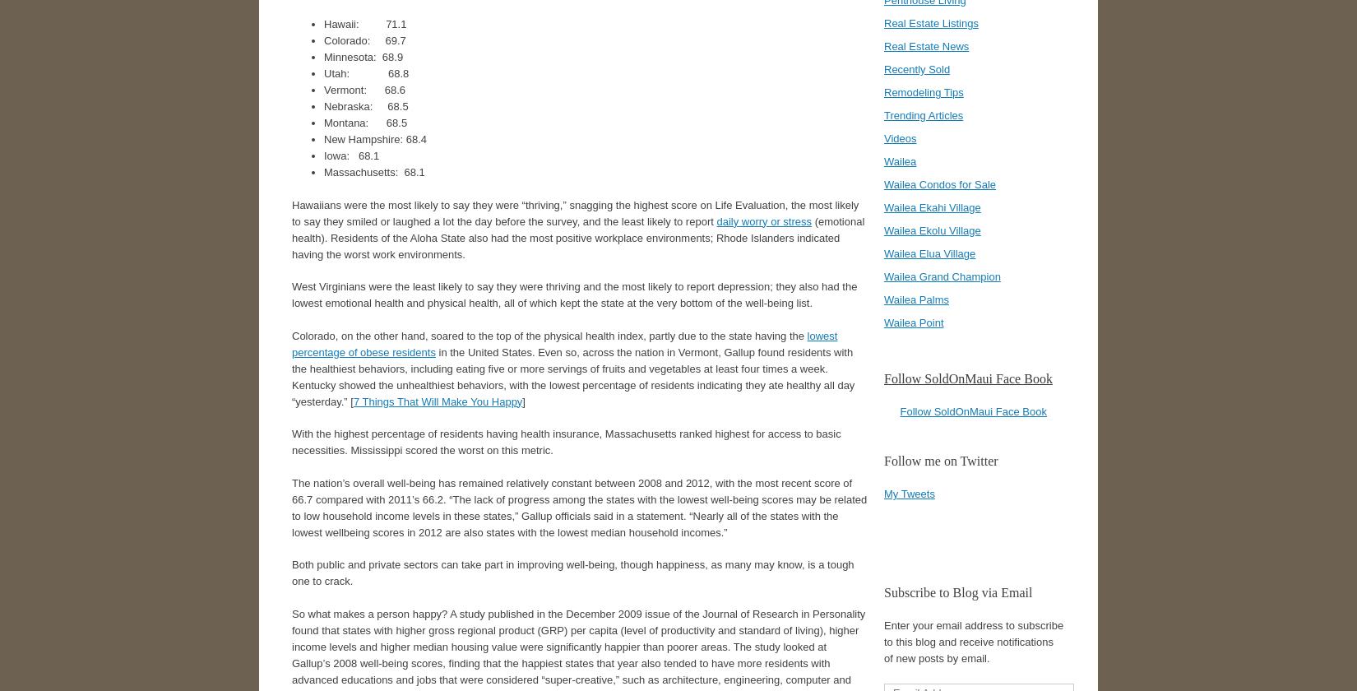 The width and height of the screenshot is (1357, 691). Describe the element at coordinates (292, 375) in the screenshot. I see `'in the United States. Even so, across the nation in Vermont, Gallup found residents with the healthiest behaviors, including eating five or more servings of fruits and vegetables at least four times a week. Kentucky showed the unhealthiest behaviors, with the lowest percentage of residents indicating they ate healthy all day “yesterday.” ['` at that location.